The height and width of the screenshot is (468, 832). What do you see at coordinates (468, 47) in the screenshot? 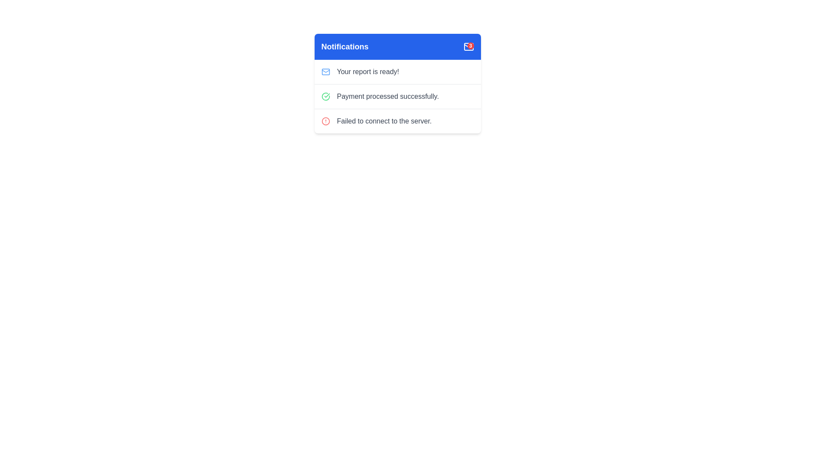
I see `the notification count displayed on the red circular badge with the numeral '3' inside, located at the top-right corner of the blue envelope icon in the Notifications area` at bounding box center [468, 47].